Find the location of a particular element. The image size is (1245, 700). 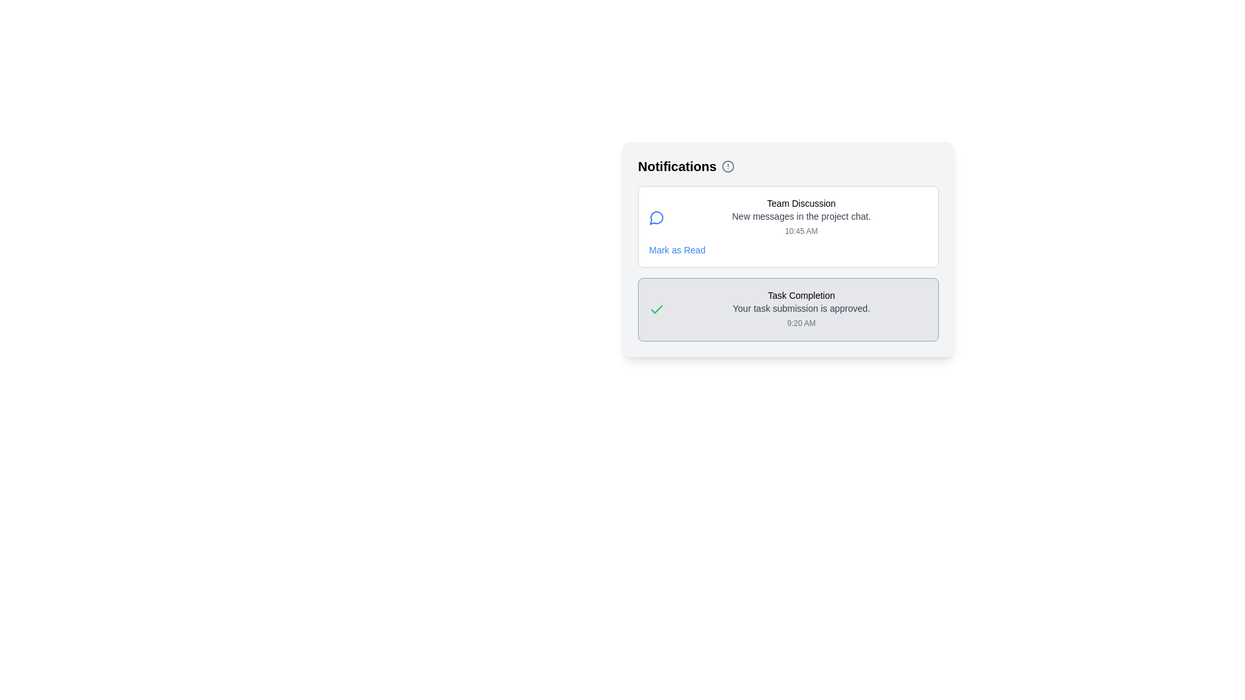

the static text element that provides a brief description about the notification, located below the title 'Team Discussion' and above the timestamp '10:45 AM' is located at coordinates (801, 216).